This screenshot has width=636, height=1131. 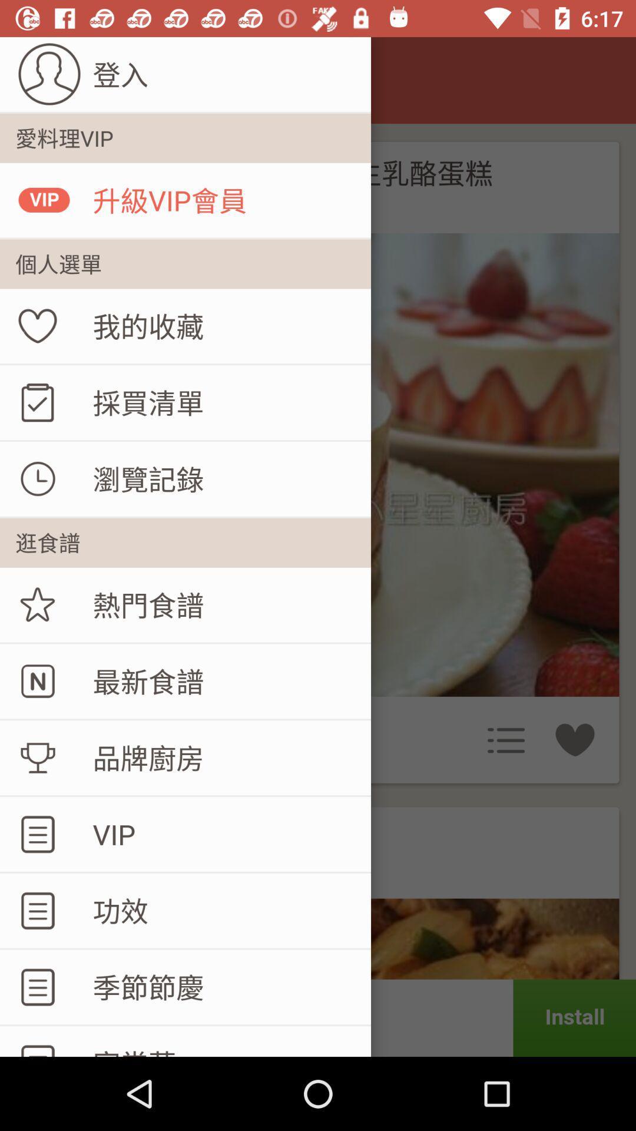 I want to click on the timer icon, so click(x=38, y=478).